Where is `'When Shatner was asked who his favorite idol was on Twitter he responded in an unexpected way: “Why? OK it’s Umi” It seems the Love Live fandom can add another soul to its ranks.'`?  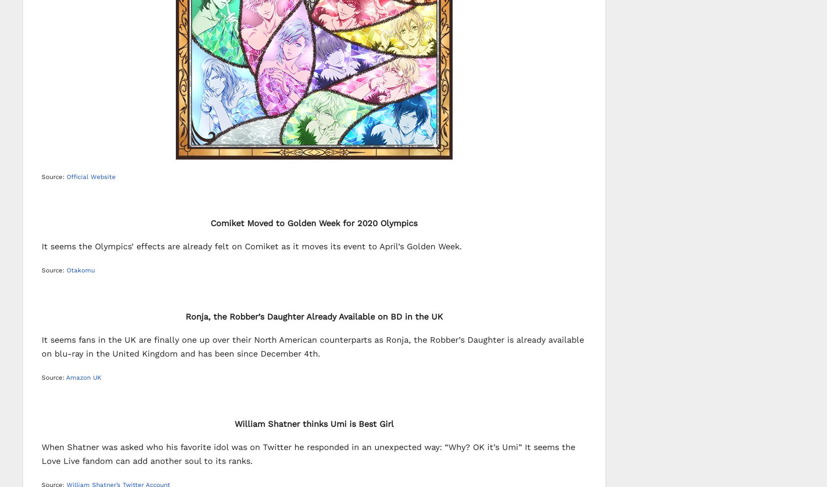
'When Shatner was asked who his favorite idol was on Twitter he responded in an unexpected way: “Why? OK it’s Umi” It seems the Love Live fandom can add another soul to its ranks.' is located at coordinates (308, 453).